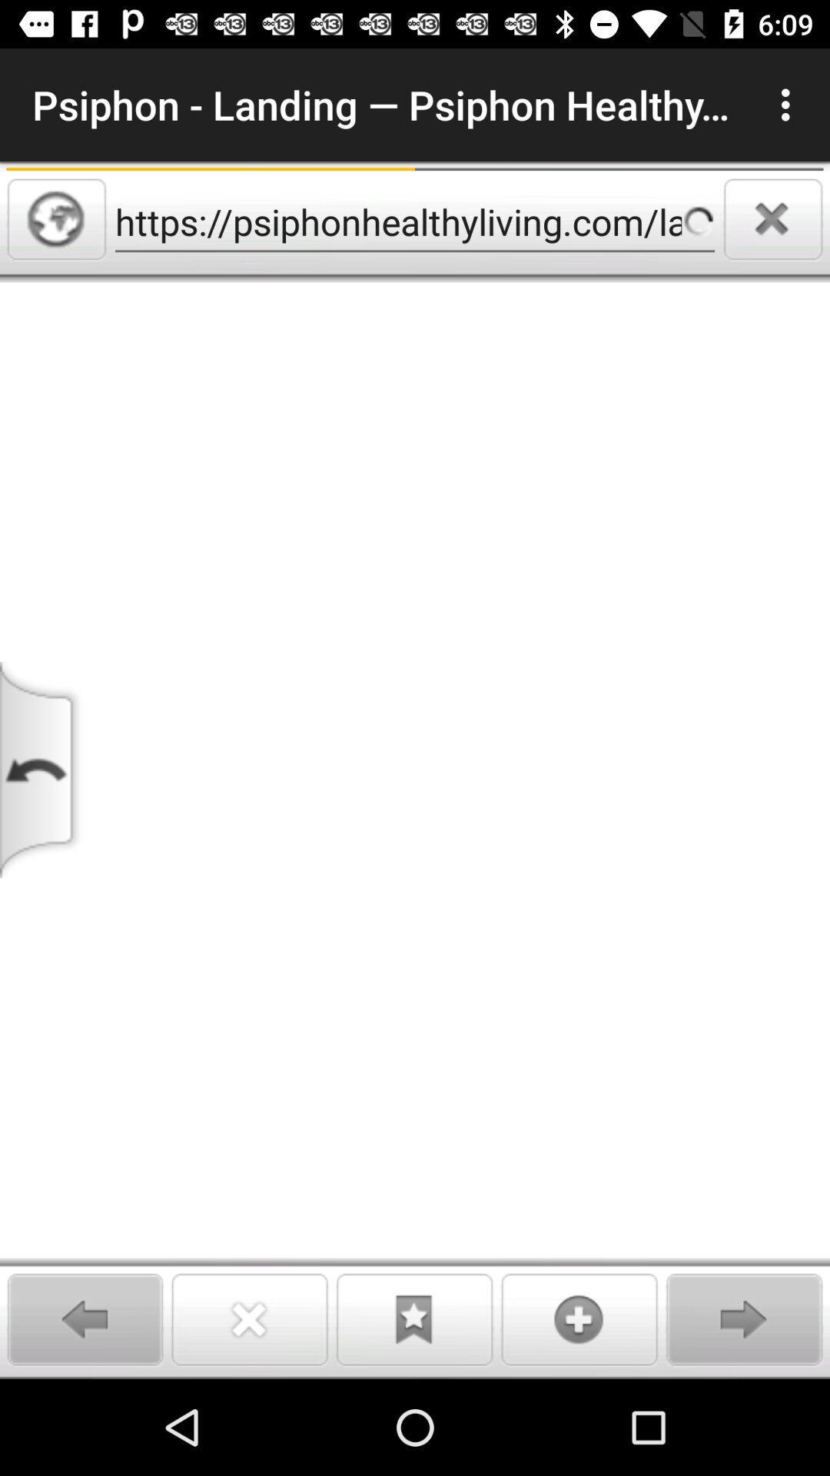 The width and height of the screenshot is (830, 1476). Describe the element at coordinates (743, 1318) in the screenshot. I see `the arrow_forward icon` at that location.